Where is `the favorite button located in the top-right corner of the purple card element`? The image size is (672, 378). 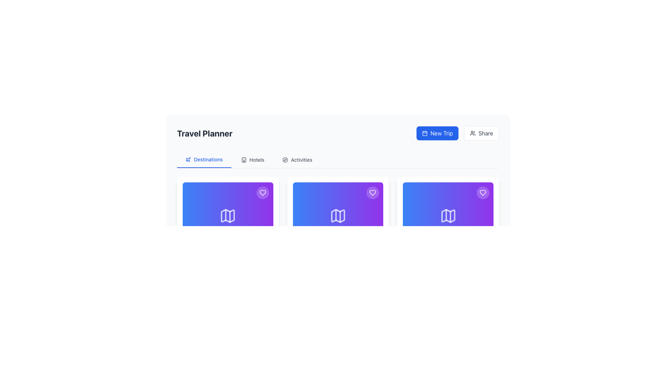
the favorite button located in the top-right corner of the purple card element is located at coordinates (482, 193).